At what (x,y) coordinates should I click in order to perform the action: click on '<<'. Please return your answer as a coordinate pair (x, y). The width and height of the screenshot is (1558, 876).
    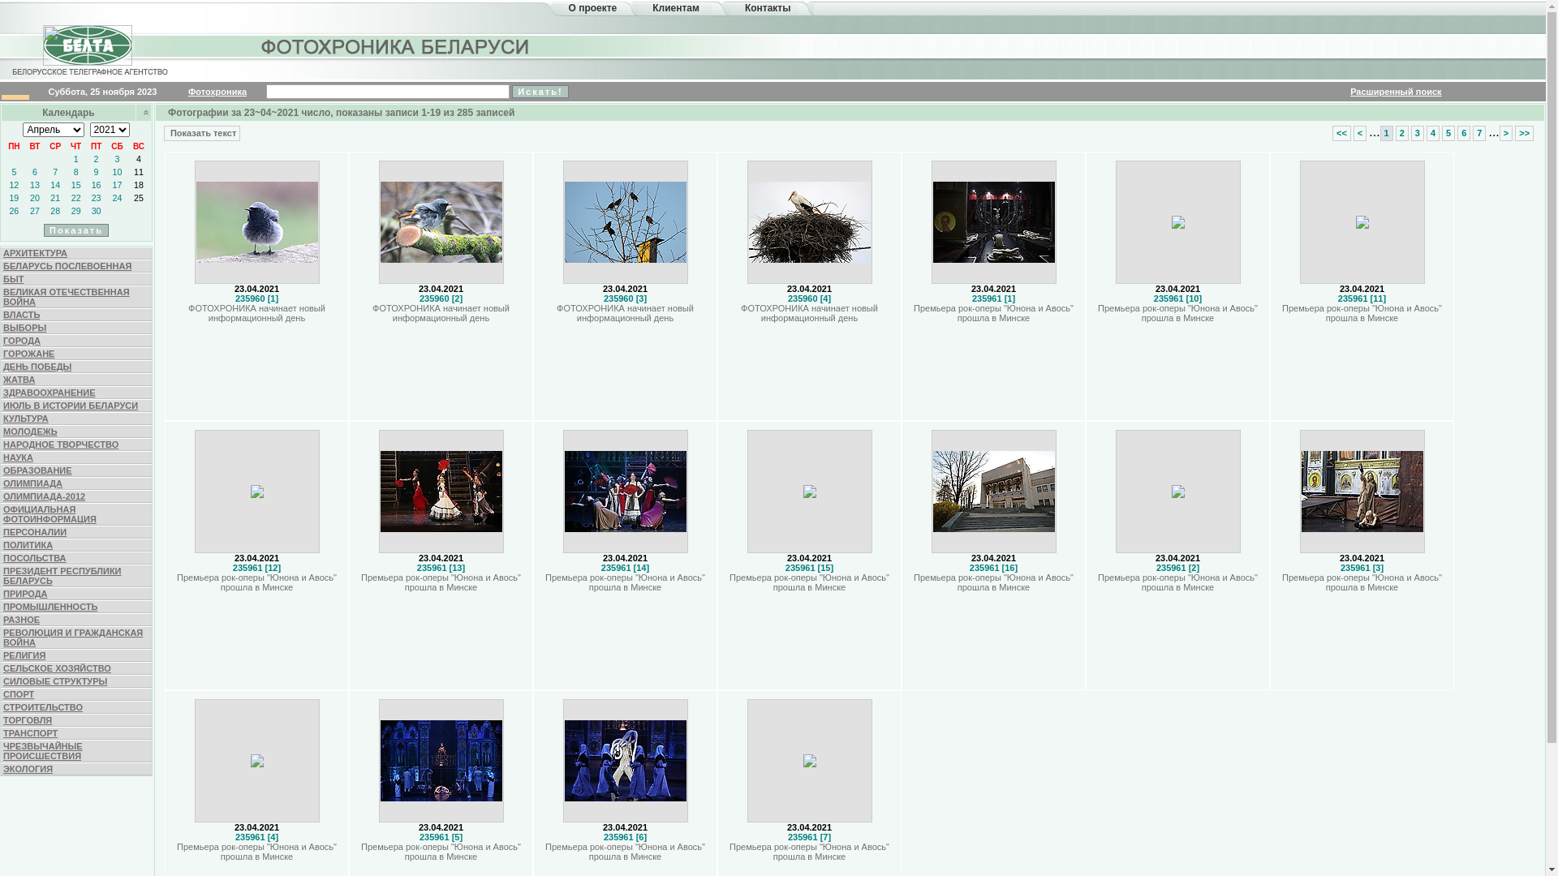
    Looking at the image, I should click on (1341, 131).